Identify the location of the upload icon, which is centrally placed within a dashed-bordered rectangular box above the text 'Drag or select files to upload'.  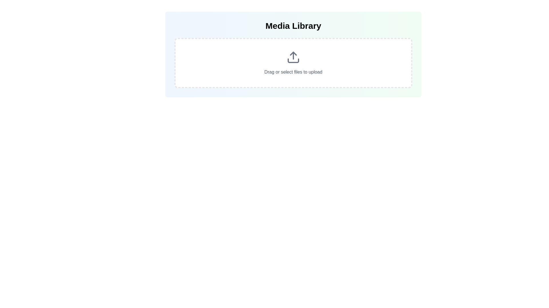
(293, 57).